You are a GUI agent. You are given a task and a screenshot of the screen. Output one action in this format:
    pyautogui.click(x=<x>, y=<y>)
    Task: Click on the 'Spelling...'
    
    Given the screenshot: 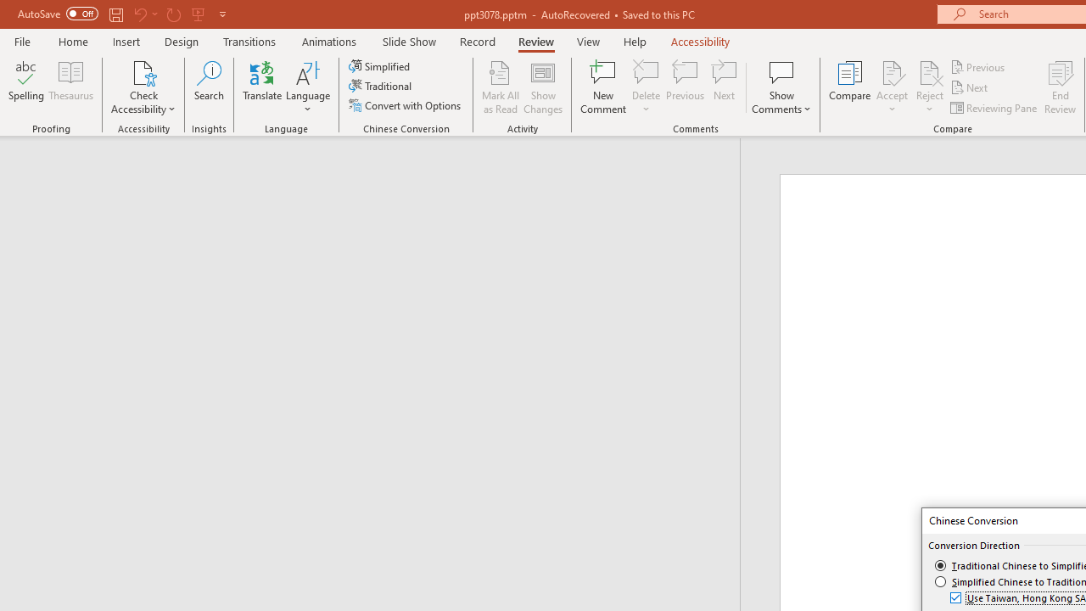 What is the action you would take?
    pyautogui.click(x=26, y=87)
    